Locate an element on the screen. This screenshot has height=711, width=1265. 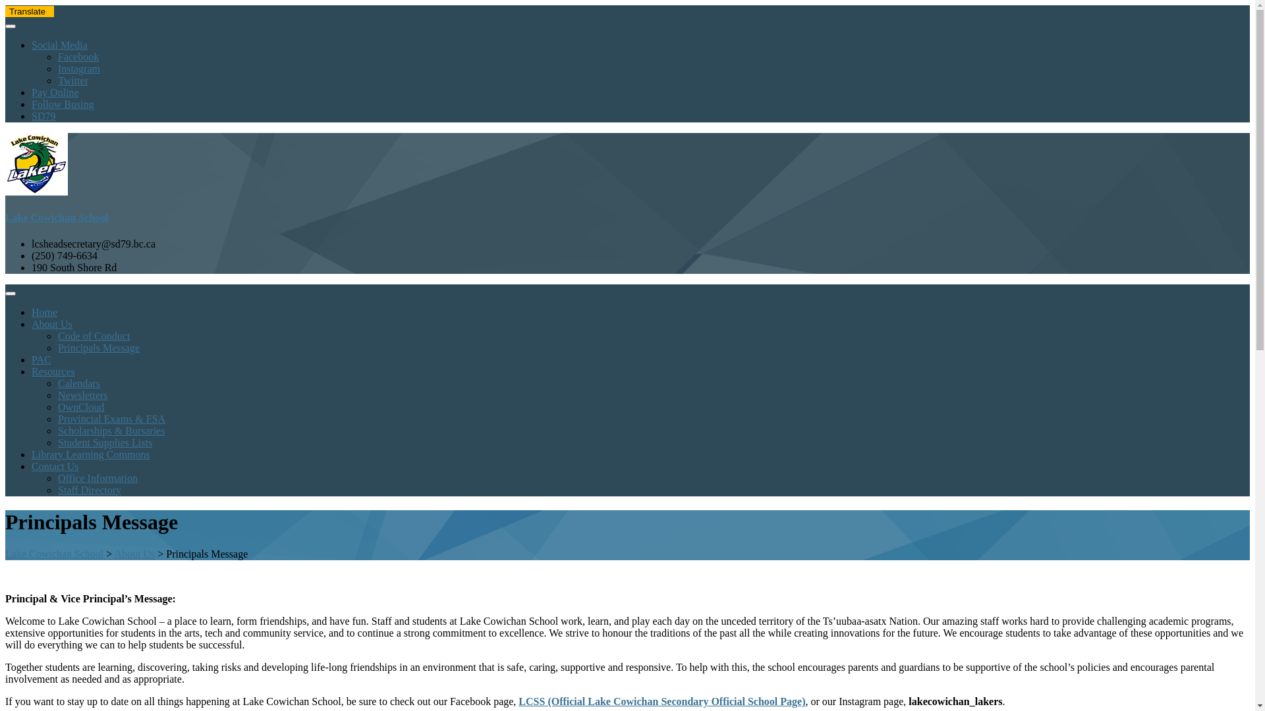
'Translate  ' is located at coordinates (29, 11).